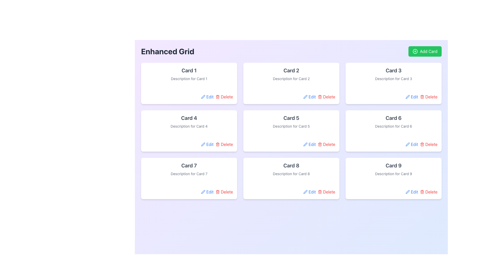 The height and width of the screenshot is (279, 497). Describe the element at coordinates (305, 192) in the screenshot. I see `the pen-shaped icon representing the 'Edit' functionality for Card 8, located left of the 'Edit' text in the action menu` at that location.